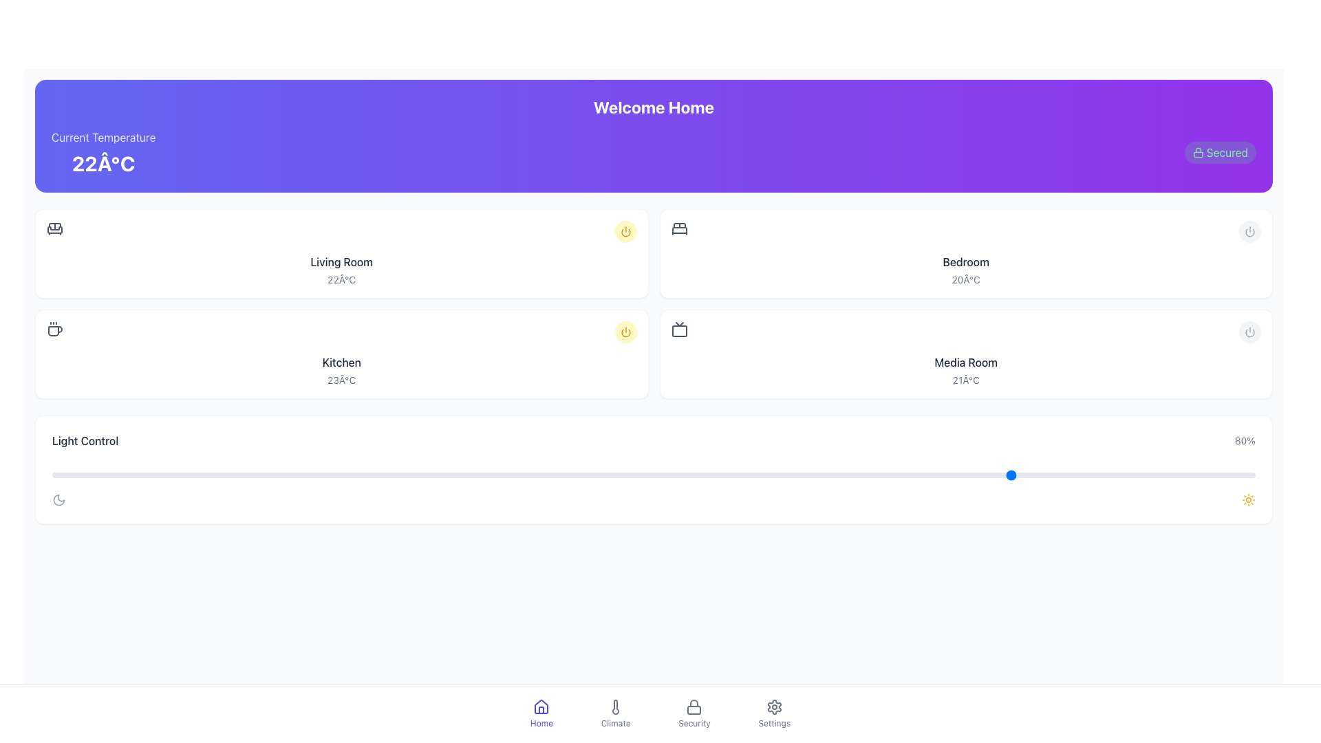 This screenshot has height=743, width=1321. I want to click on the toggle button located, so click(1250, 230).